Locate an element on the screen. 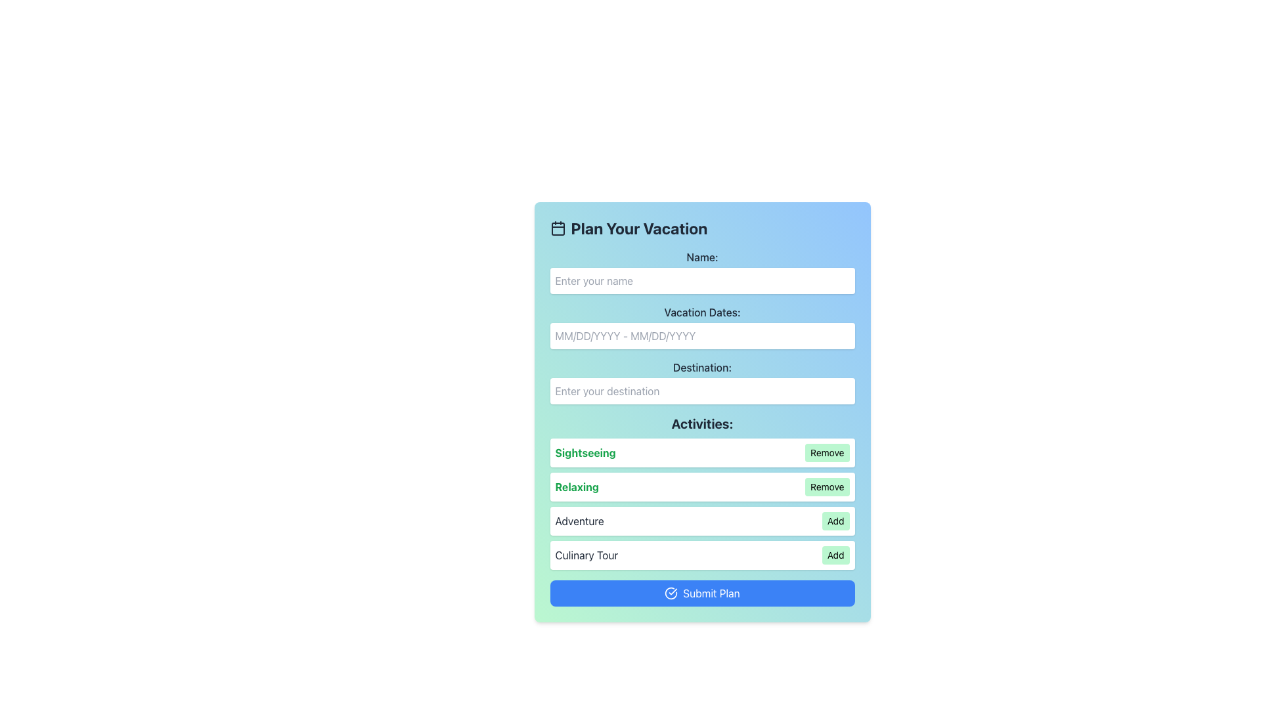  the button that removes the 'Sightseeing' activity from the list, located to the right of the 'Sightseeing' label in the Activities section is located at coordinates (826, 452).